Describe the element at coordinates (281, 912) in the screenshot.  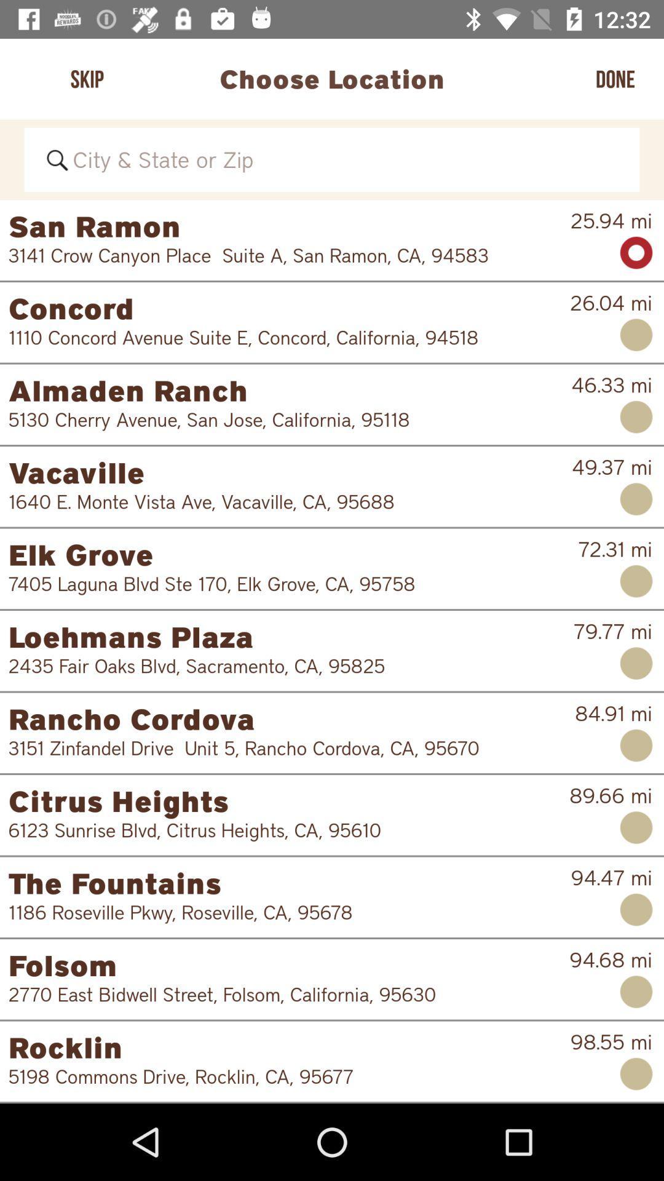
I see `the 1186 roseville pkwy item` at that location.